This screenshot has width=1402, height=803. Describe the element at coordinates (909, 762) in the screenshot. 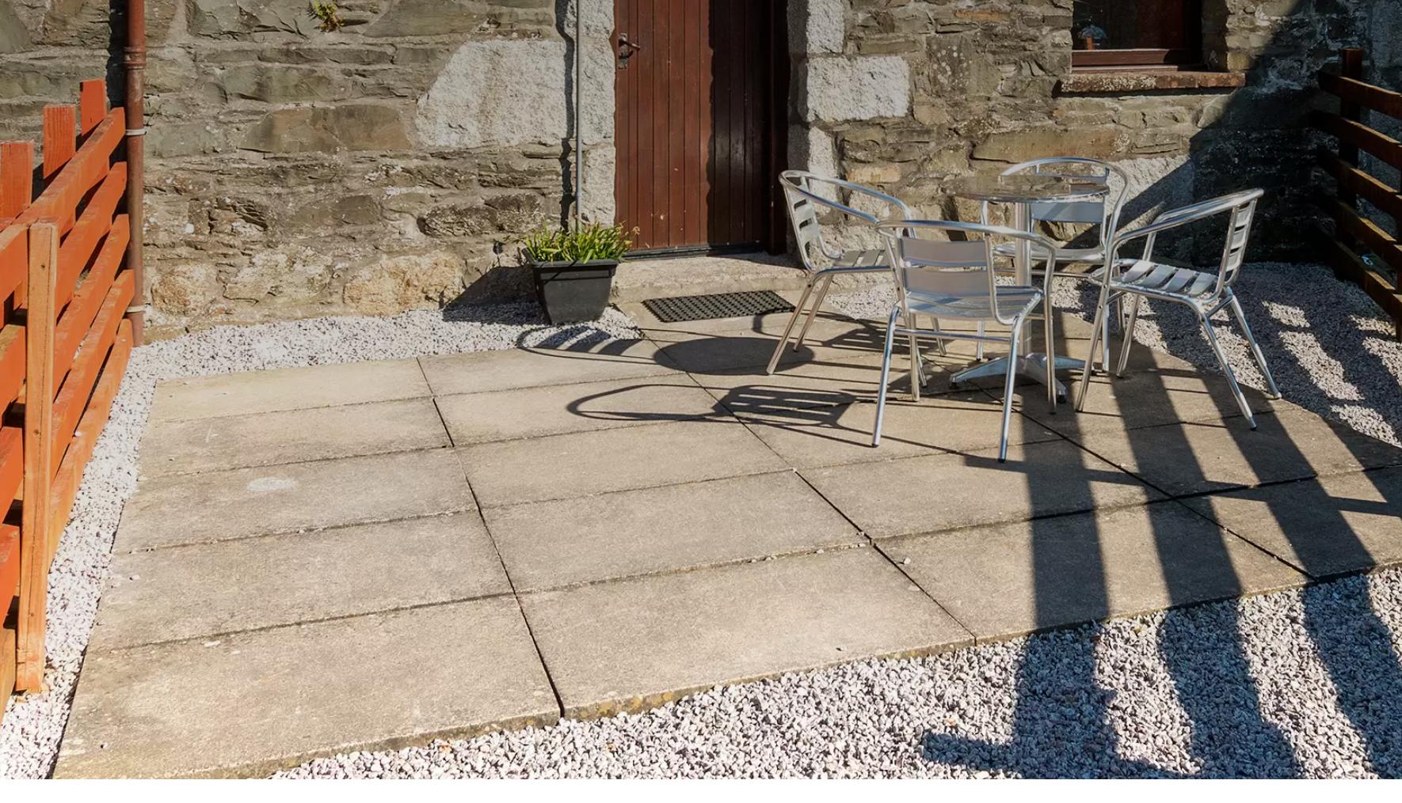

I see `'Configure'` at that location.